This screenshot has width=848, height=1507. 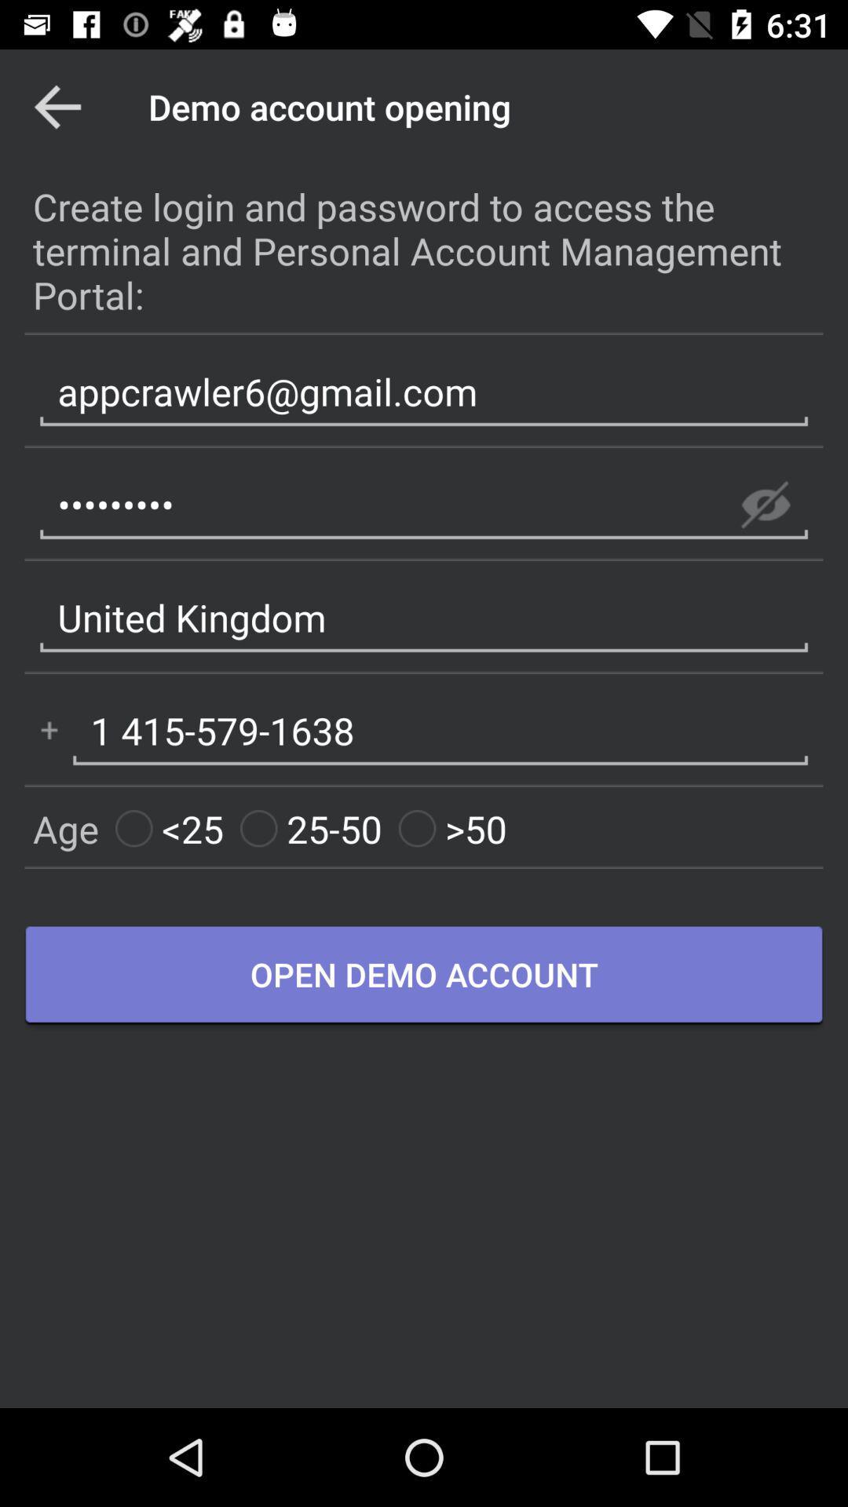 I want to click on the icon on the right, so click(x=765, y=505).